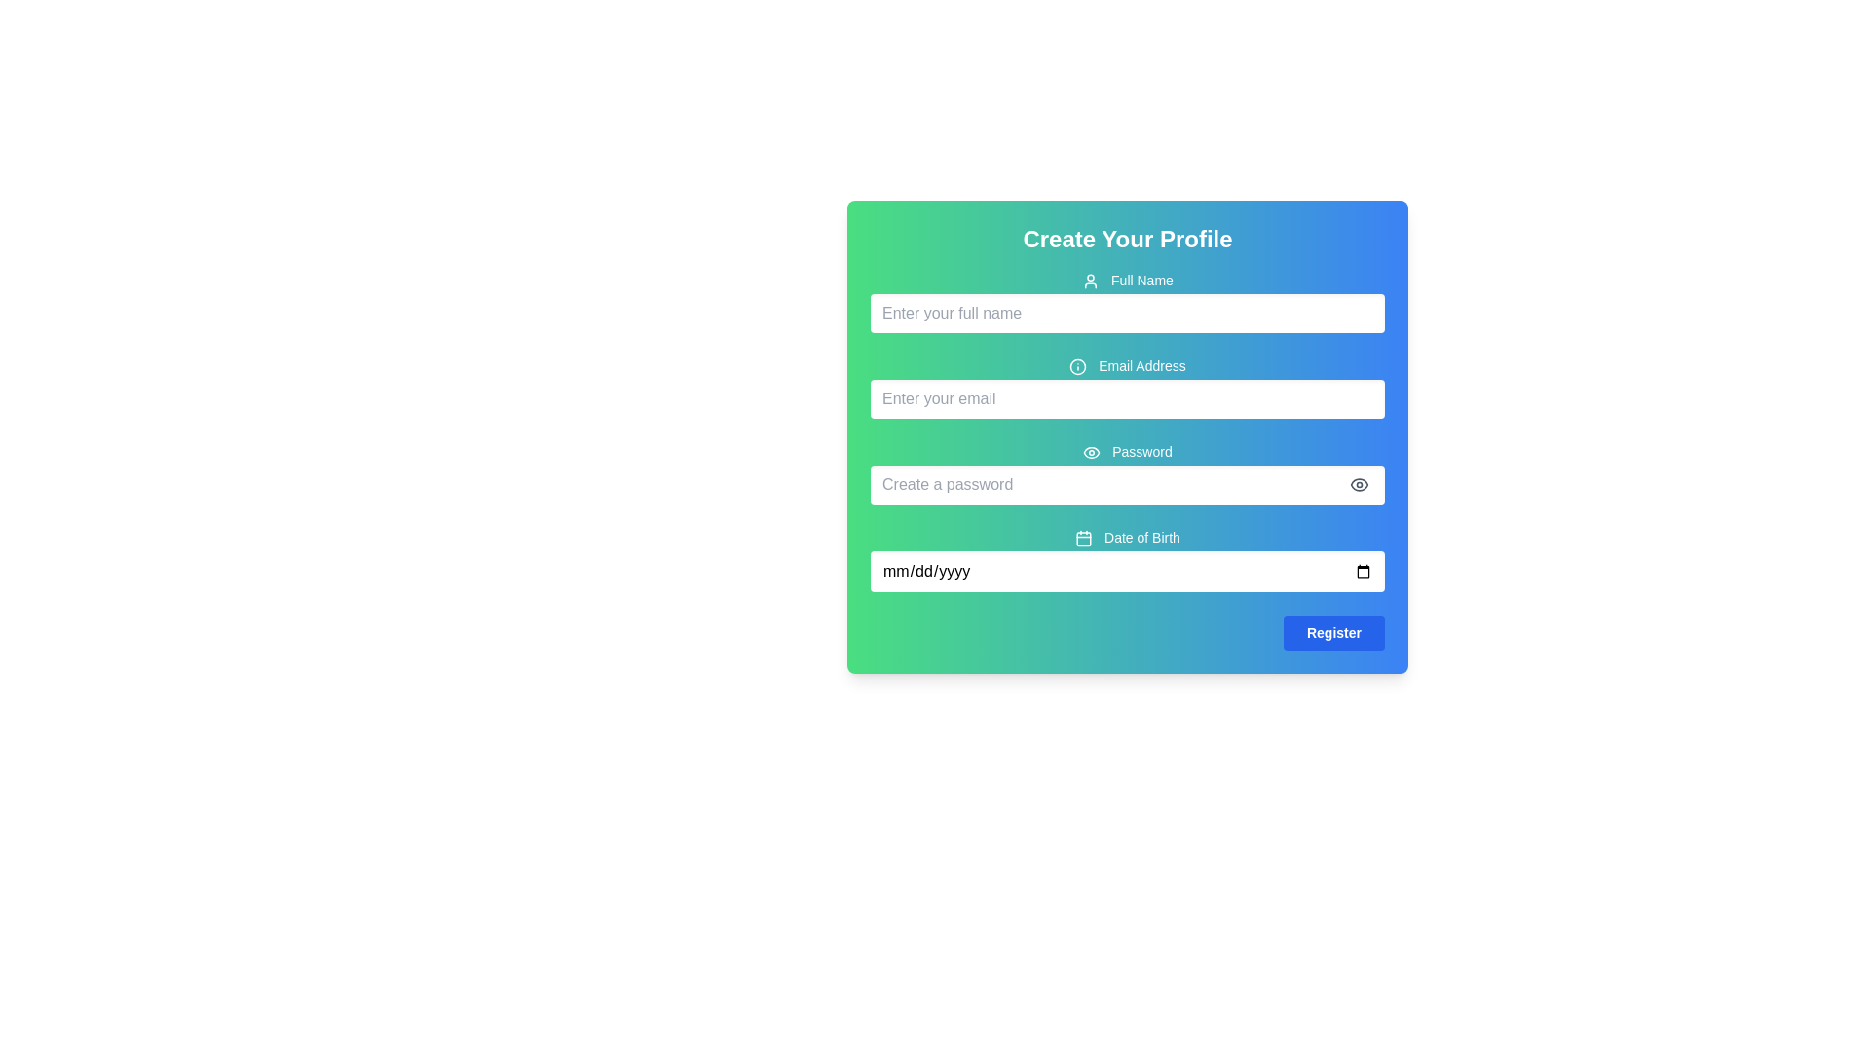  What do you see at coordinates (1083, 538) in the screenshot?
I see `the minimalist calendar icon located to the left of the 'mm/dd/yyyy' input field under the 'Date of Birth' heading` at bounding box center [1083, 538].